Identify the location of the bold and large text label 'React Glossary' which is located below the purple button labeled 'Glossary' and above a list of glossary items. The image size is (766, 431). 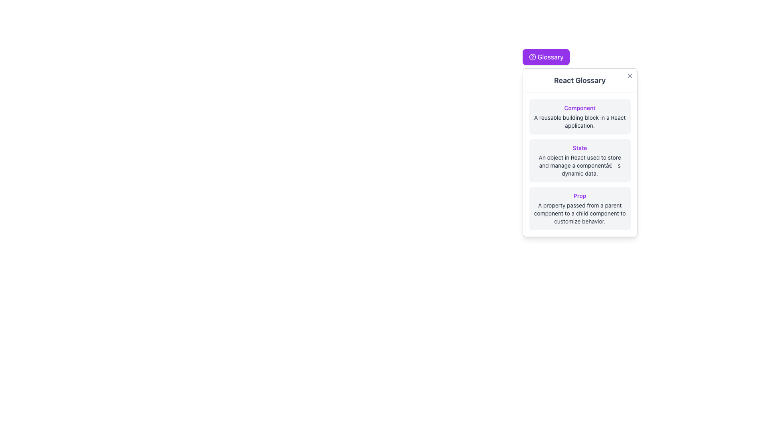
(580, 80).